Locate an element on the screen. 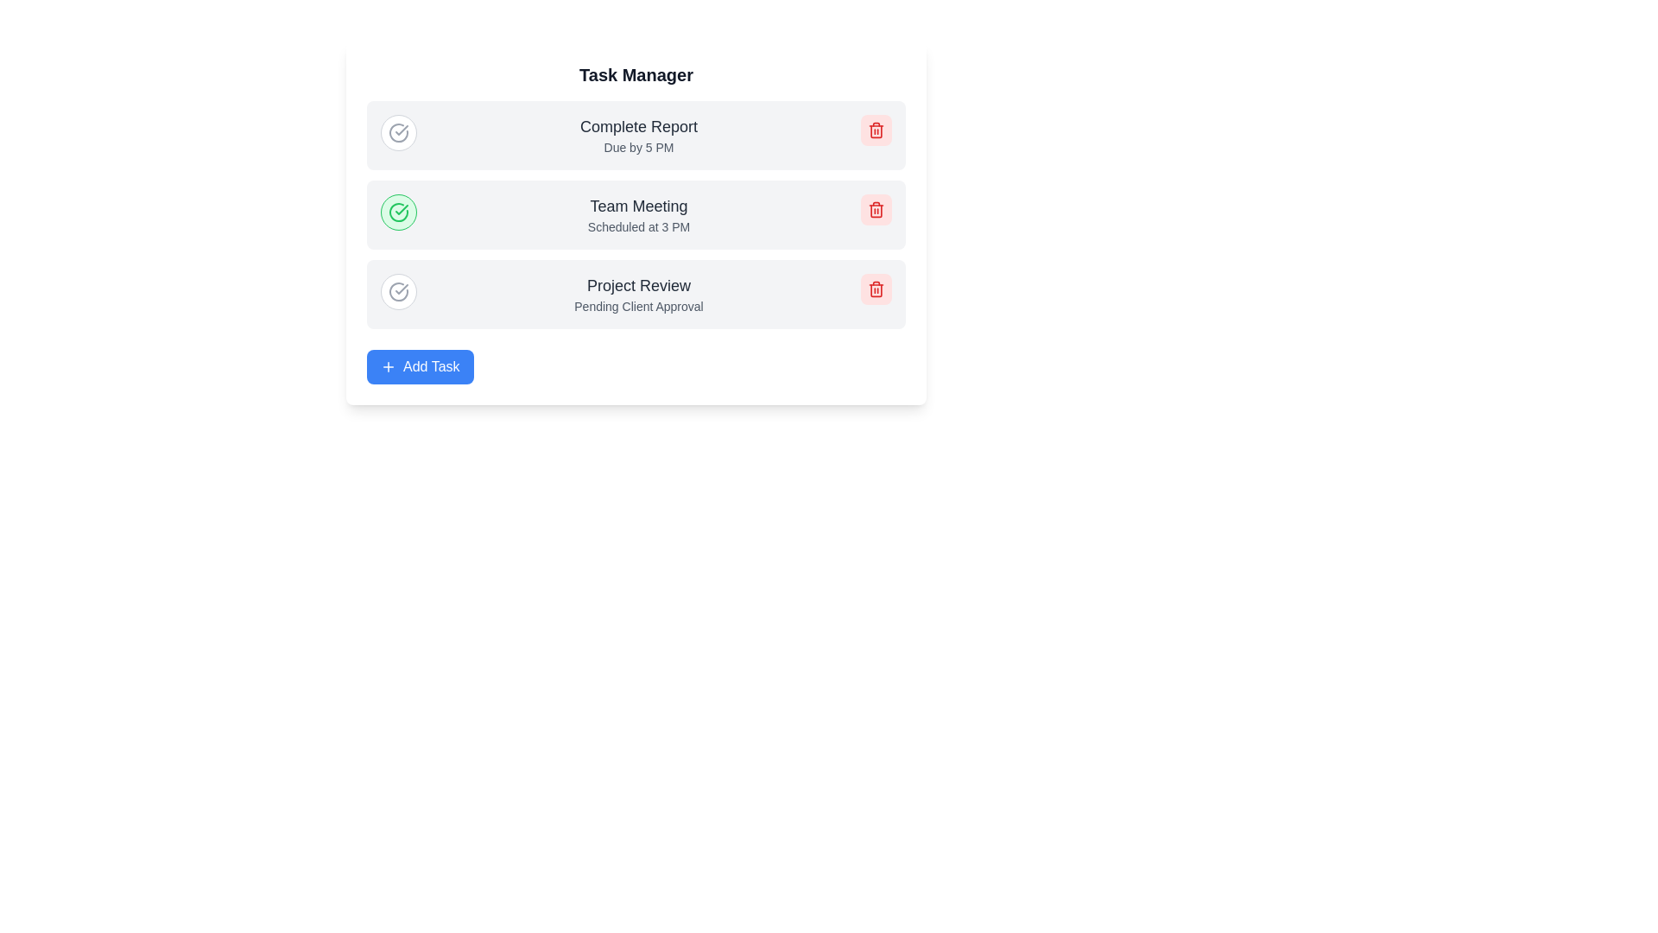  the circular status indicator button with a tick icon located in the top-left corner of the 'Project Review' box to change its status is located at coordinates (397, 291).